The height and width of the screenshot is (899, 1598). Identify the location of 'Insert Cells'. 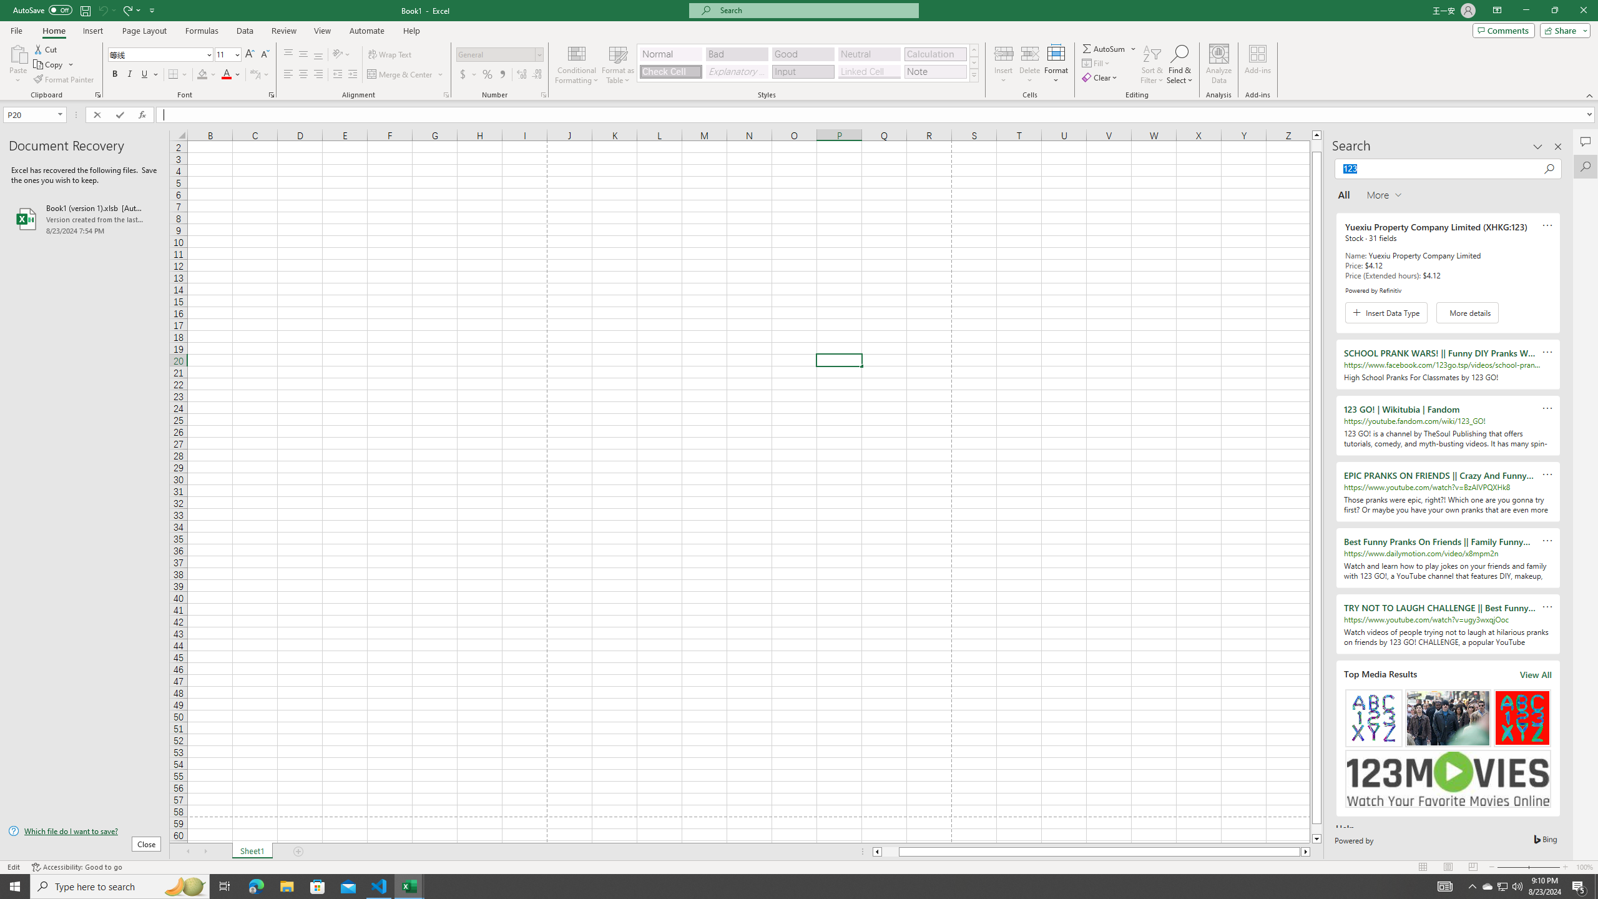
(1002, 52).